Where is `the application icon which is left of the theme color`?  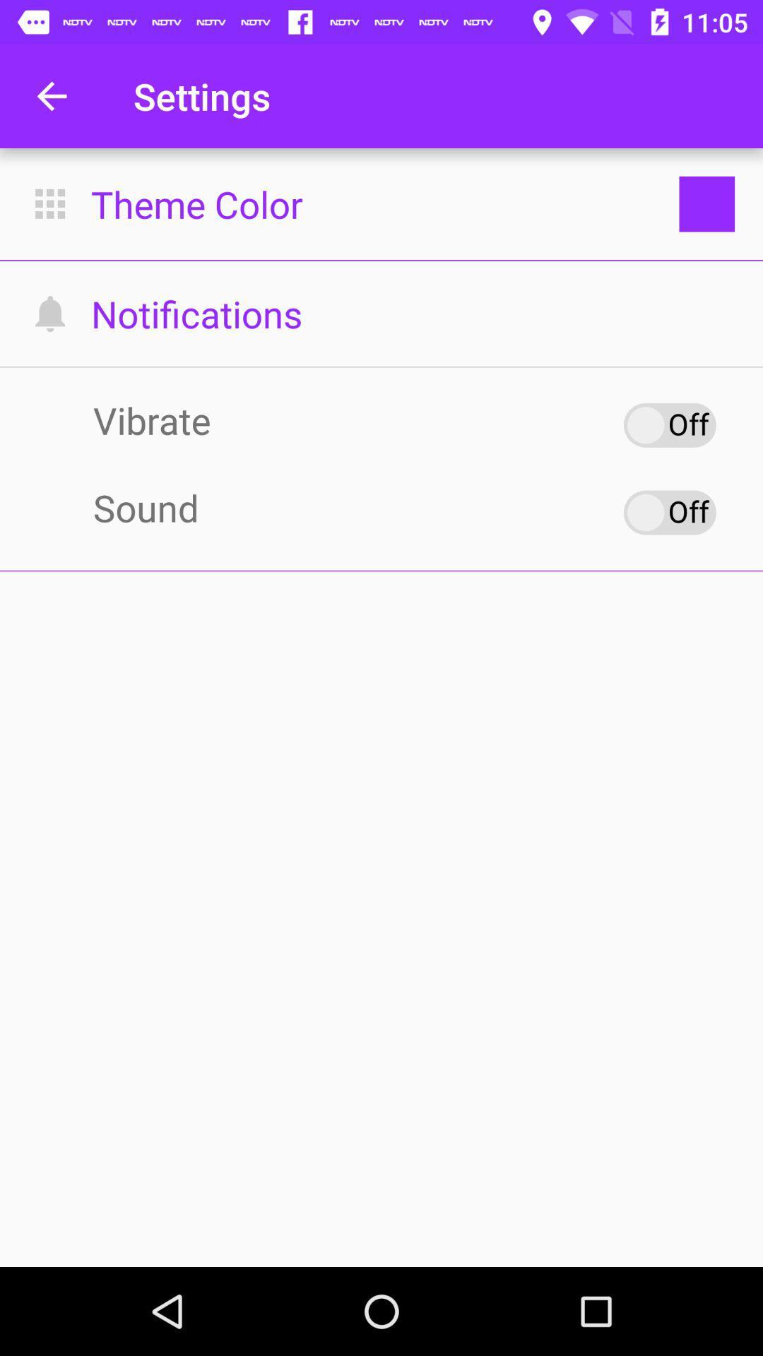
the application icon which is left of the theme color is located at coordinates (49, 203).